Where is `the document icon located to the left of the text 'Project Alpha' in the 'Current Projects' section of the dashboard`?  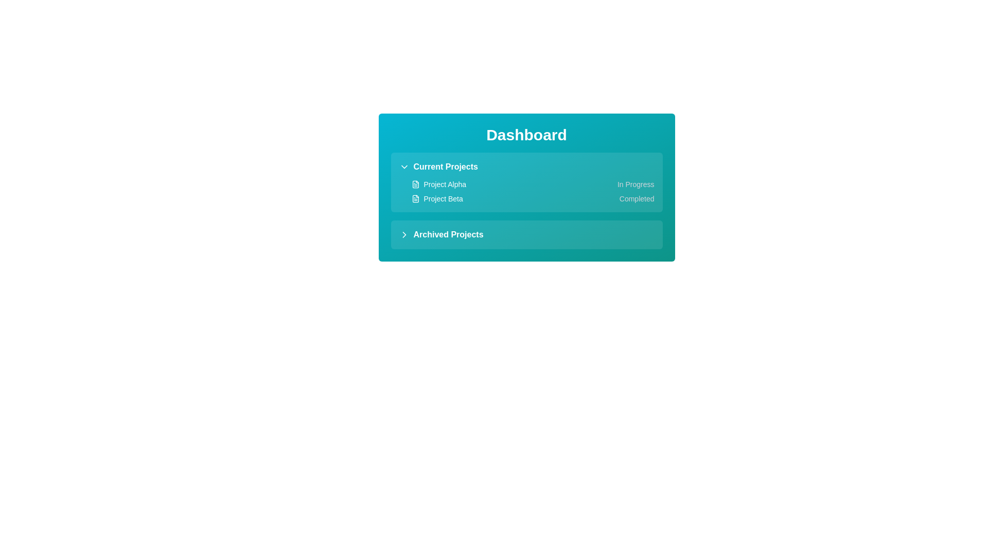 the document icon located to the left of the text 'Project Alpha' in the 'Current Projects' section of the dashboard is located at coordinates (415, 183).